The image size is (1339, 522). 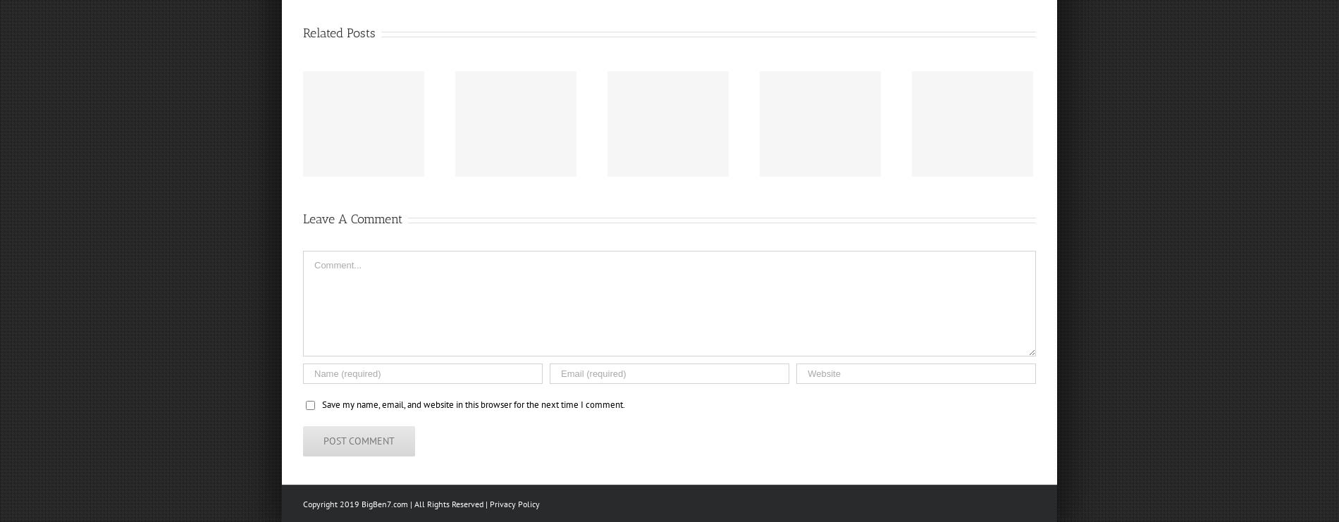 What do you see at coordinates (698, 137) in the screenshot?
I see `'“Ben Roethlisberger sends special video to Yucca Valley Trojans ahead of semi-final game”'` at bounding box center [698, 137].